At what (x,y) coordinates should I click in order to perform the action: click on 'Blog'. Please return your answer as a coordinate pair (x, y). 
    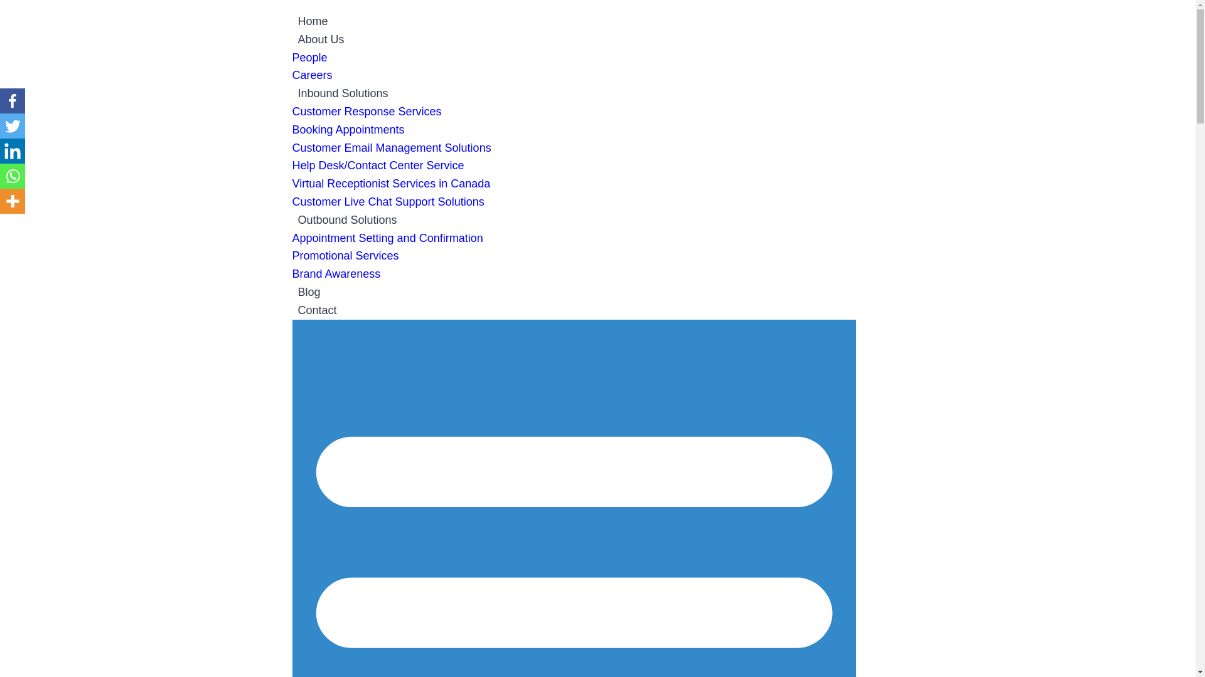
    Looking at the image, I should click on (291, 292).